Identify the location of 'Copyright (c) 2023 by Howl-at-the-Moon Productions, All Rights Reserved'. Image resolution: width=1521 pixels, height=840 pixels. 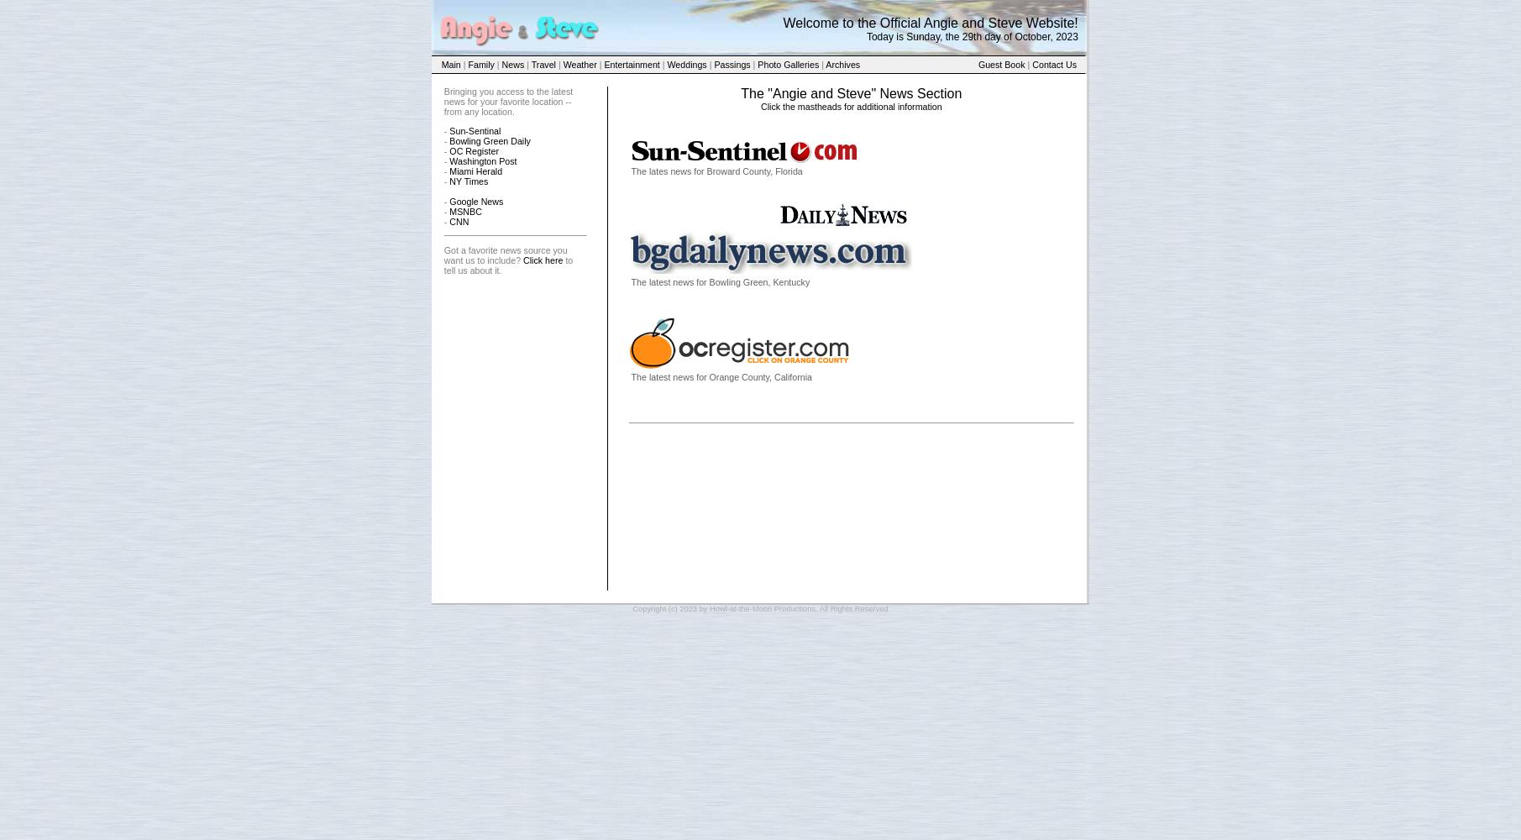
(759, 608).